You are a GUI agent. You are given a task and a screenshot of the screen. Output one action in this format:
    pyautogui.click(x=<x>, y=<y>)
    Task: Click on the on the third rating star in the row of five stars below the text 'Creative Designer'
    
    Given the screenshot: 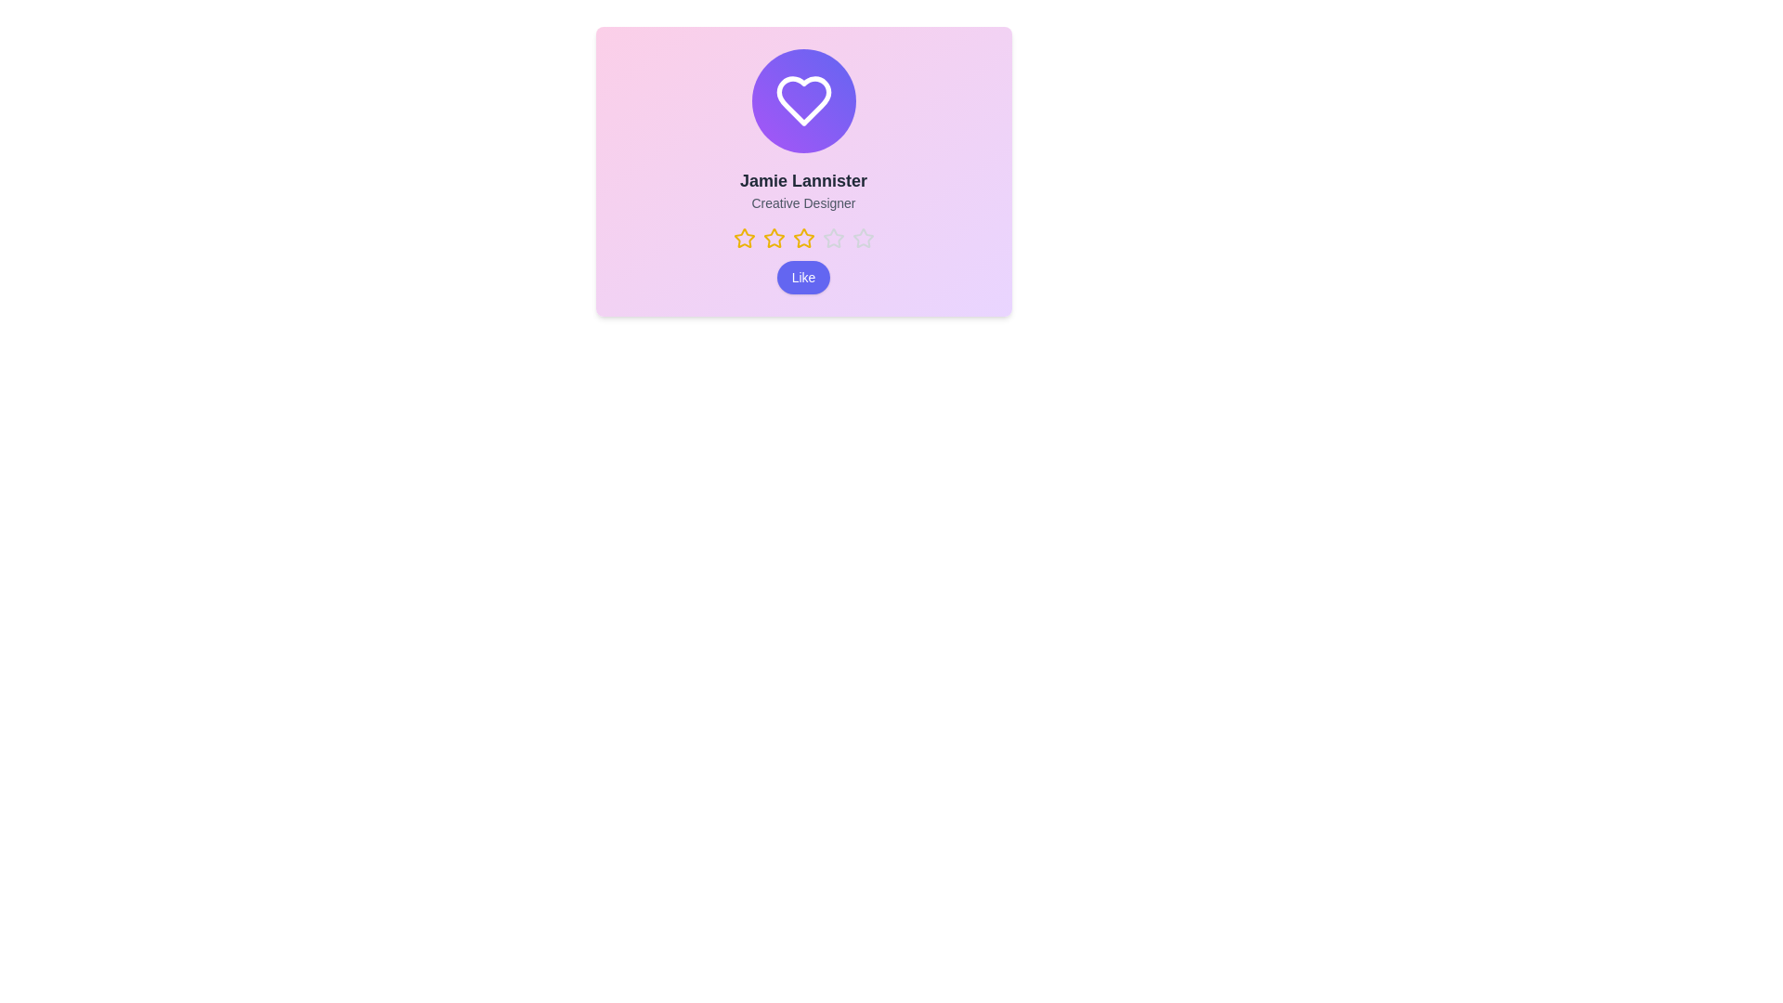 What is the action you would take?
    pyautogui.click(x=802, y=236)
    